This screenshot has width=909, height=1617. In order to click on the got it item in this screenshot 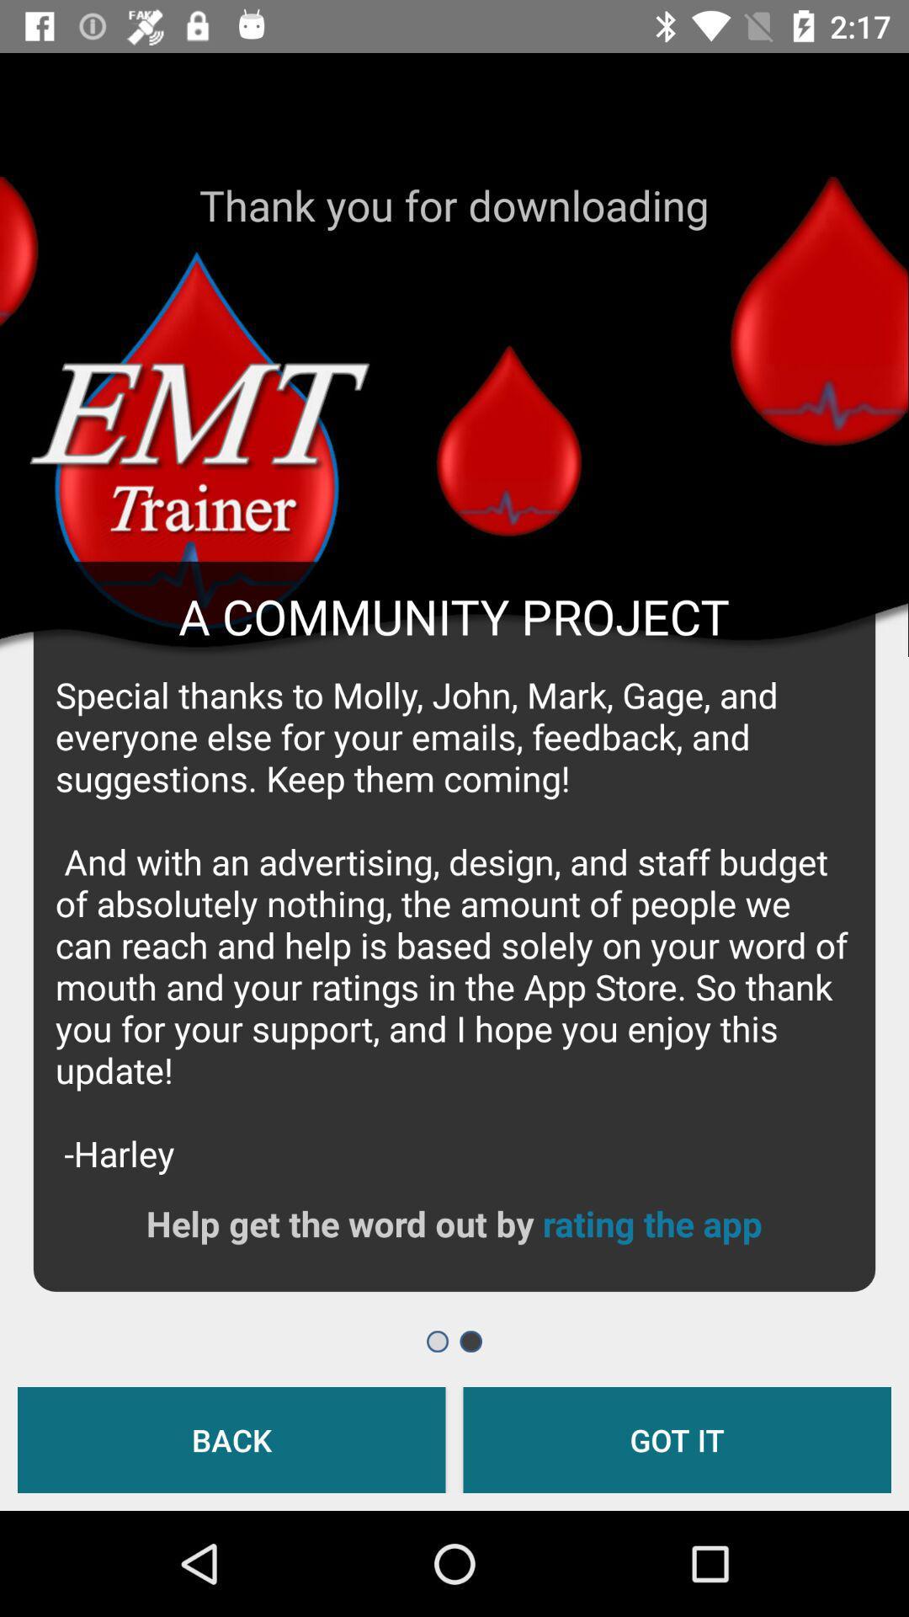, I will do `click(676, 1438)`.